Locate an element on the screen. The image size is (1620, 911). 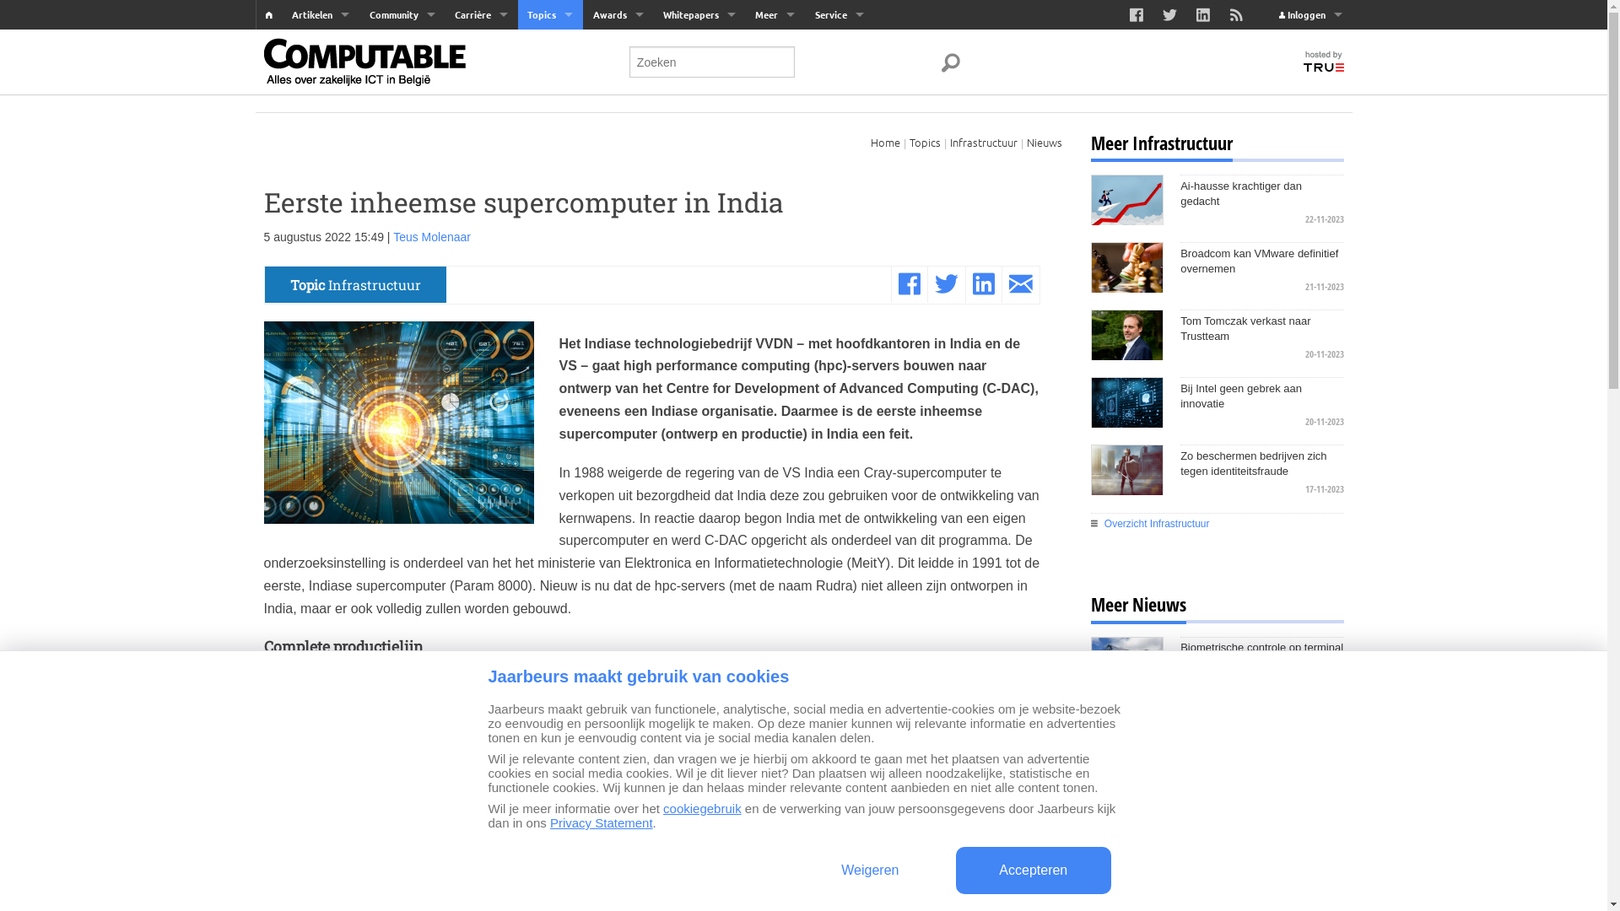
'Internet of things' is located at coordinates (550, 135).